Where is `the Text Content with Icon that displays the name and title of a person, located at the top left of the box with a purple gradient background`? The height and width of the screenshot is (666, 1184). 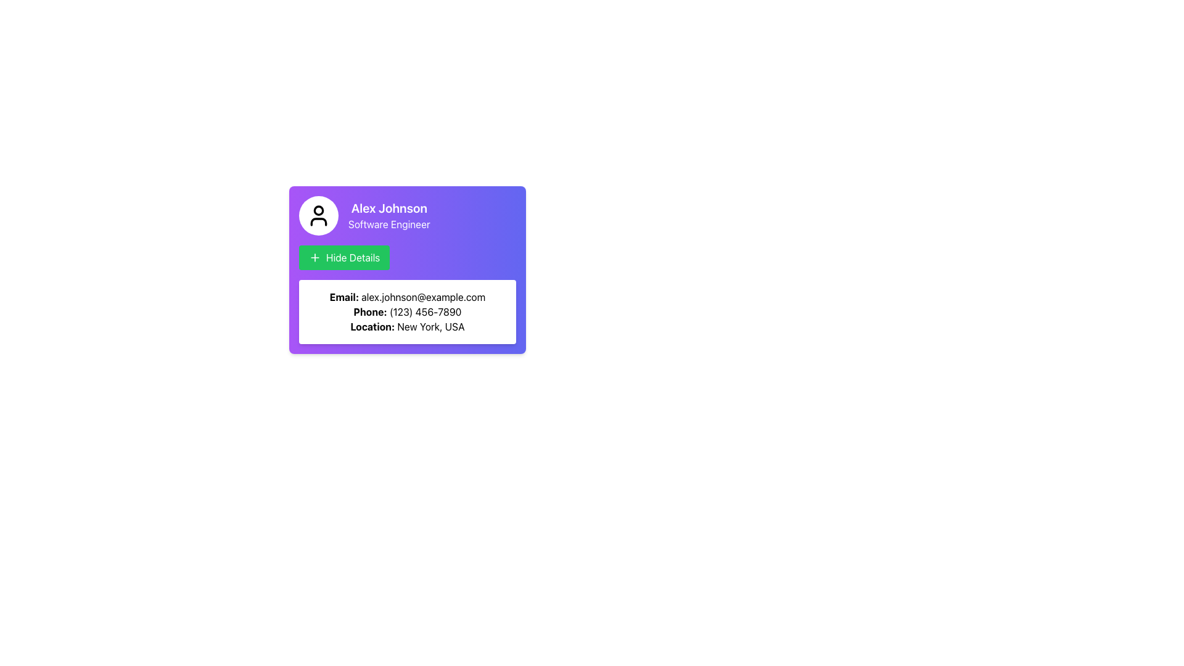 the Text Content with Icon that displays the name and title of a person, located at the top left of the box with a purple gradient background is located at coordinates (408, 215).